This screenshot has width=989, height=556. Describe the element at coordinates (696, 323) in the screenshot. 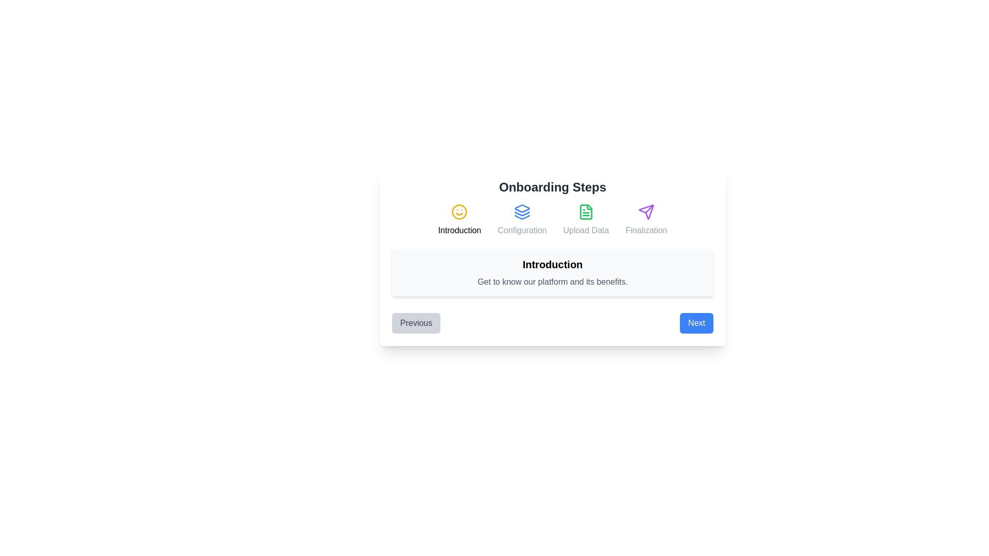

I see `the 'Next' button, which is a rounded rectangular button with a blue background and white text, located at the bottom-right of the onboarding steps interface` at that location.